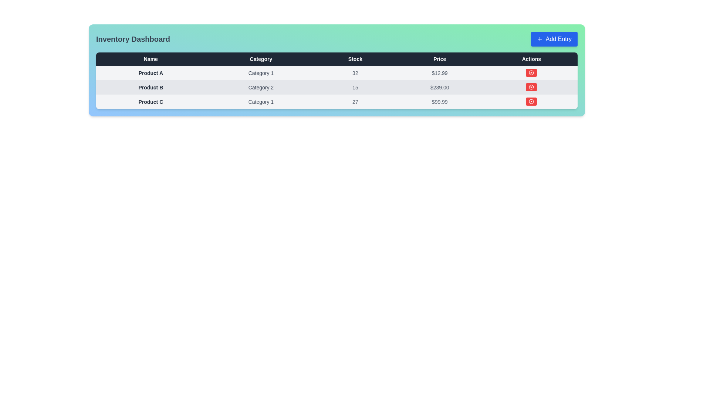  I want to click on details shown for 'Product B' in the second row of the table, which includes its name, category, stock, and price information, so click(337, 87).